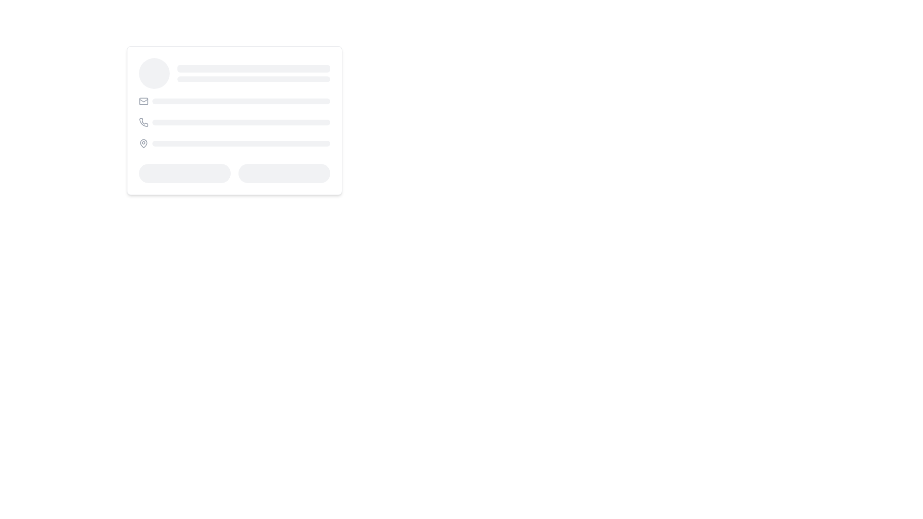  What do you see at coordinates (143, 122) in the screenshot?
I see `the small light gray phone icon with rounded edges, which is positioned to the left of a set of vertically aligned text lines` at bounding box center [143, 122].